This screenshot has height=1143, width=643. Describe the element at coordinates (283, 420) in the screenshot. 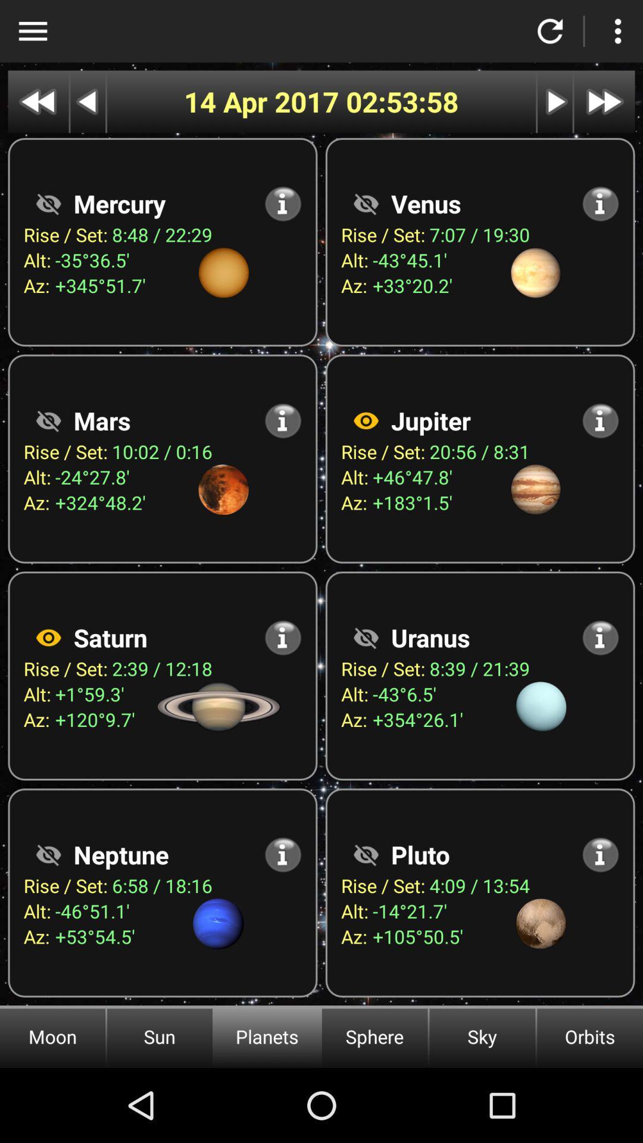

I see `information option` at that location.